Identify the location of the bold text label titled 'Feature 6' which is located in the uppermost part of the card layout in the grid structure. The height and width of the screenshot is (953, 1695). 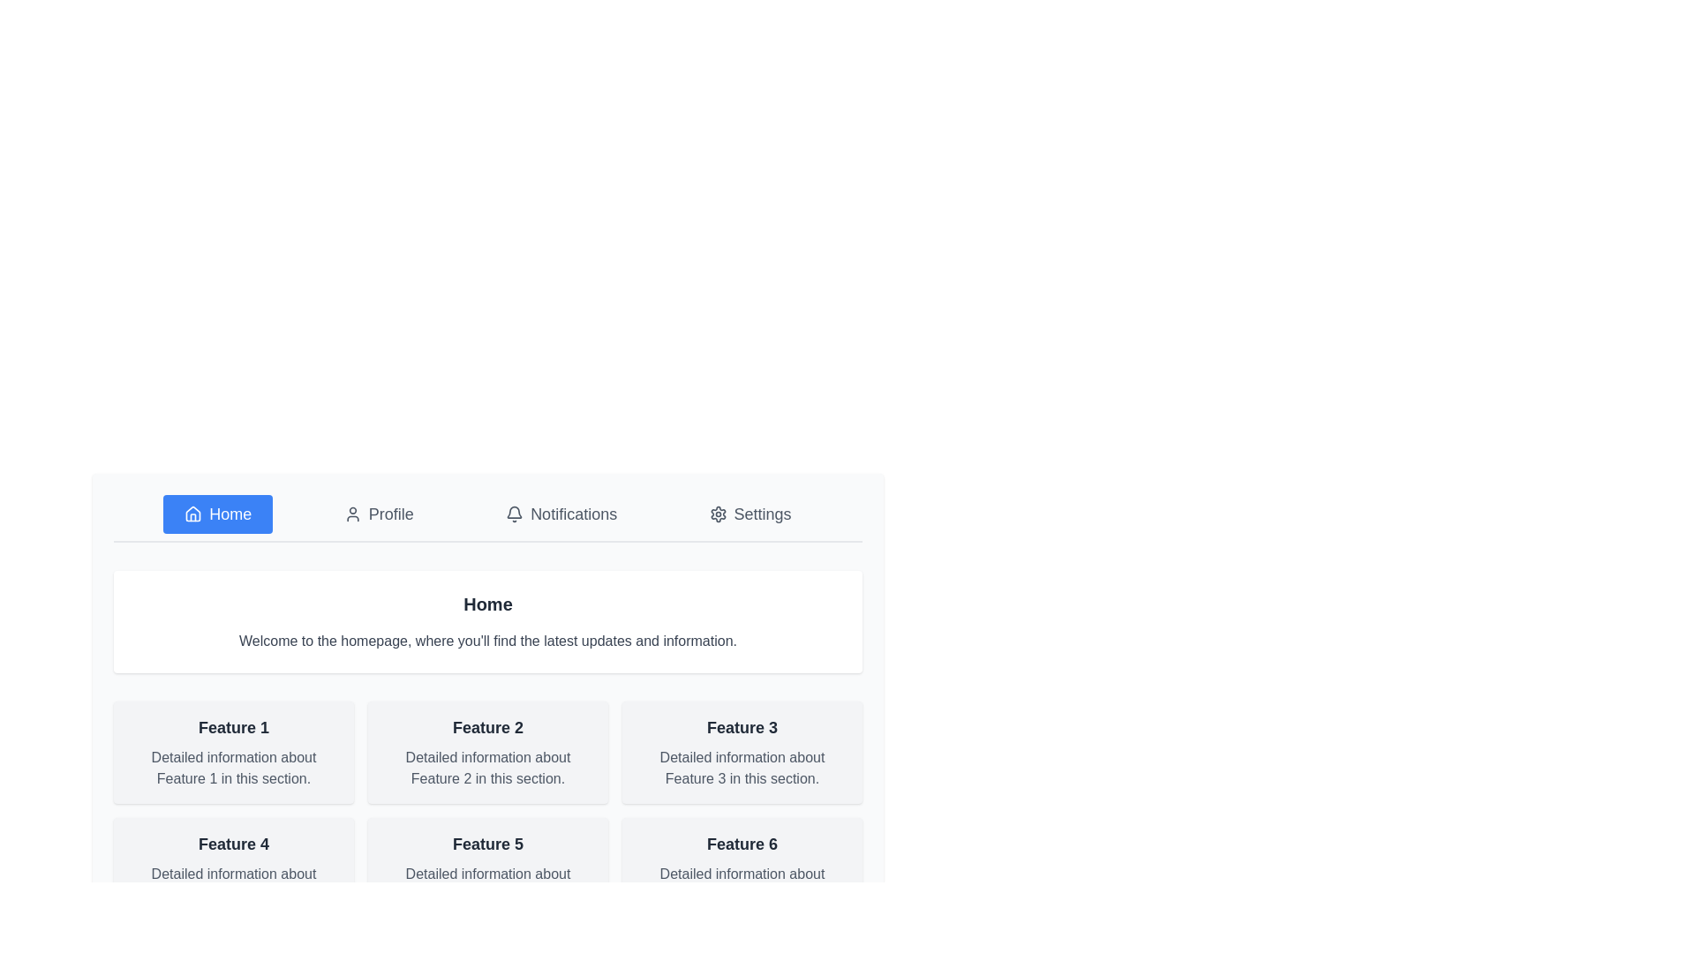
(742, 843).